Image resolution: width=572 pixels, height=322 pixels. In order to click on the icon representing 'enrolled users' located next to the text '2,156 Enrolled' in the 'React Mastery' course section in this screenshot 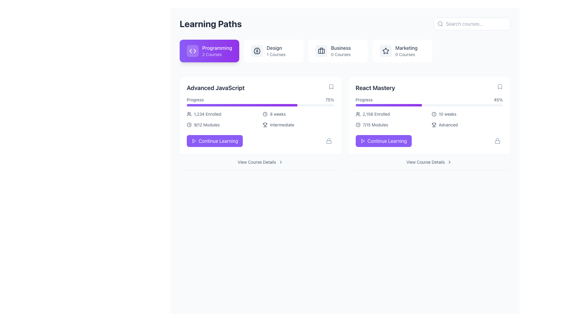, I will do `click(357, 114)`.